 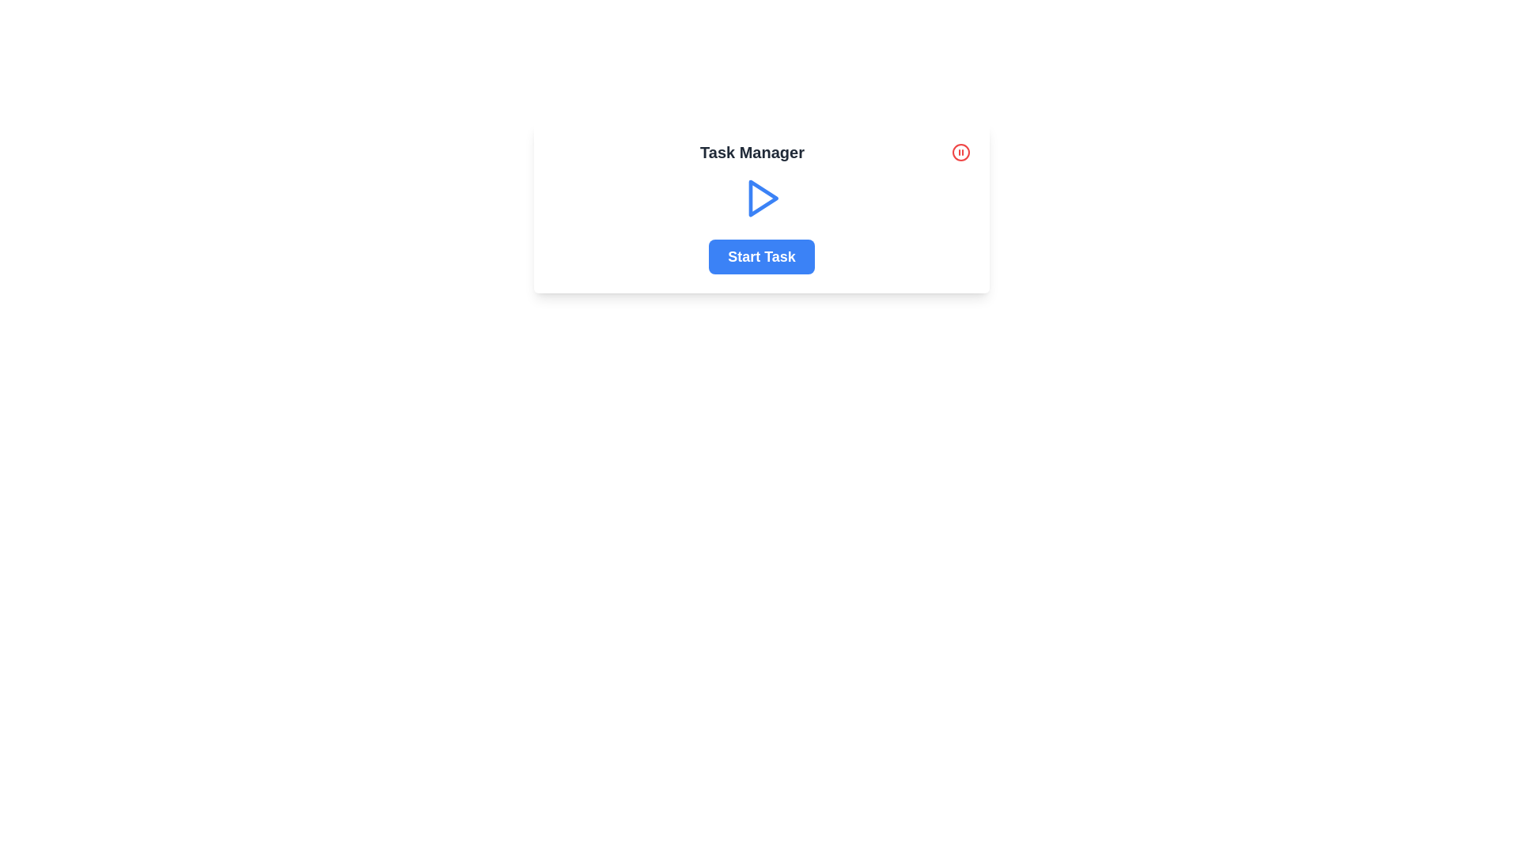 What do you see at coordinates (763, 197) in the screenshot?
I see `the triangular play button icon, which is outlined in blue and located under the 'Task Manager' title` at bounding box center [763, 197].